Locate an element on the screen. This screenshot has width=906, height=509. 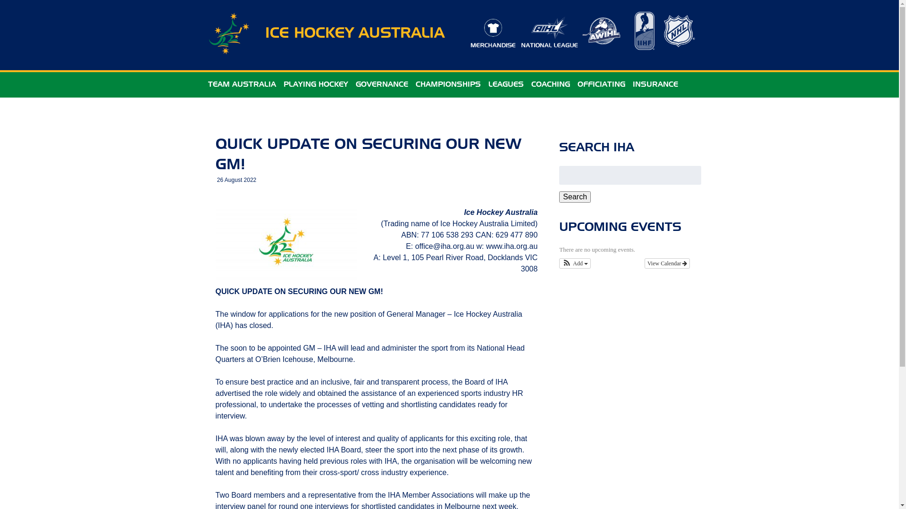
'PLAYING HOCKEY' is located at coordinates (315, 85).